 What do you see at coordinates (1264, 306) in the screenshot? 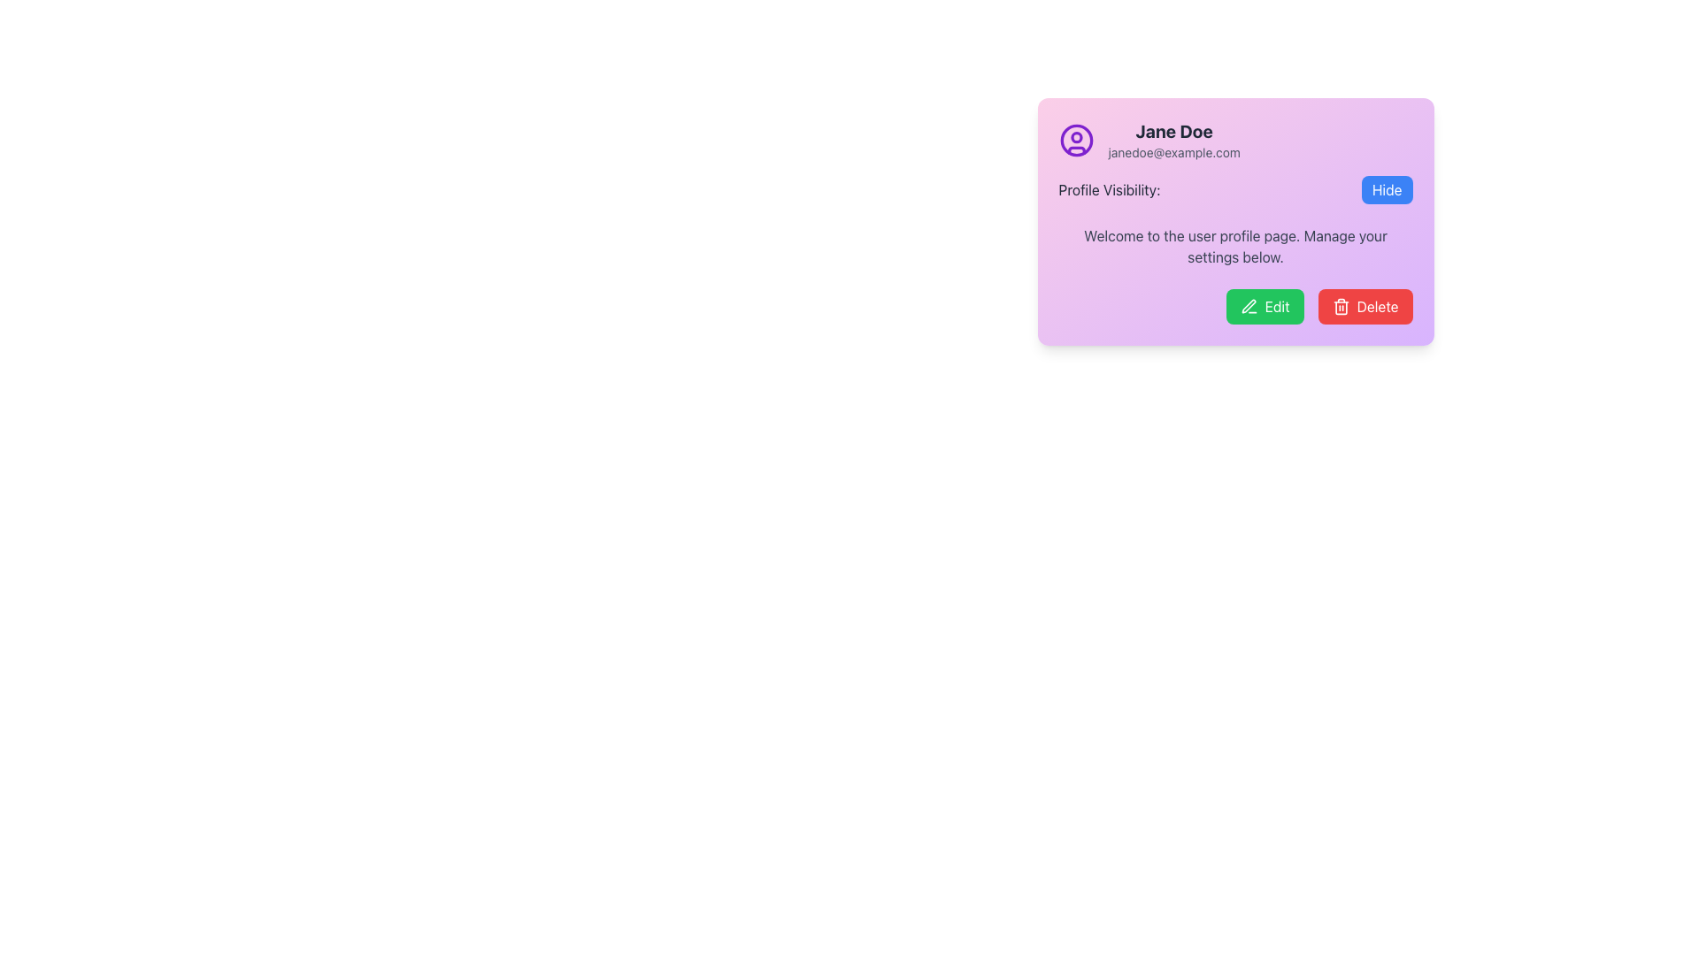
I see `the green 'Edit' button with rounded corners and a pencil icon to observe the hover effect` at bounding box center [1264, 306].